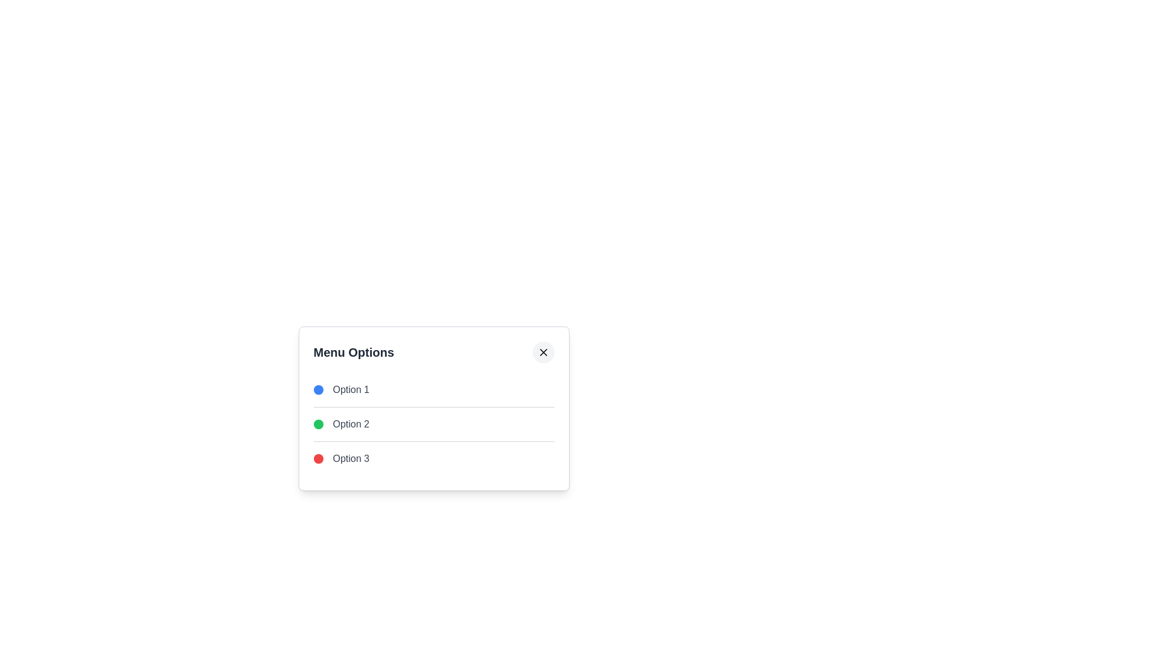  What do you see at coordinates (318, 459) in the screenshot?
I see `the visual indicator icon for 'Option 3'` at bounding box center [318, 459].